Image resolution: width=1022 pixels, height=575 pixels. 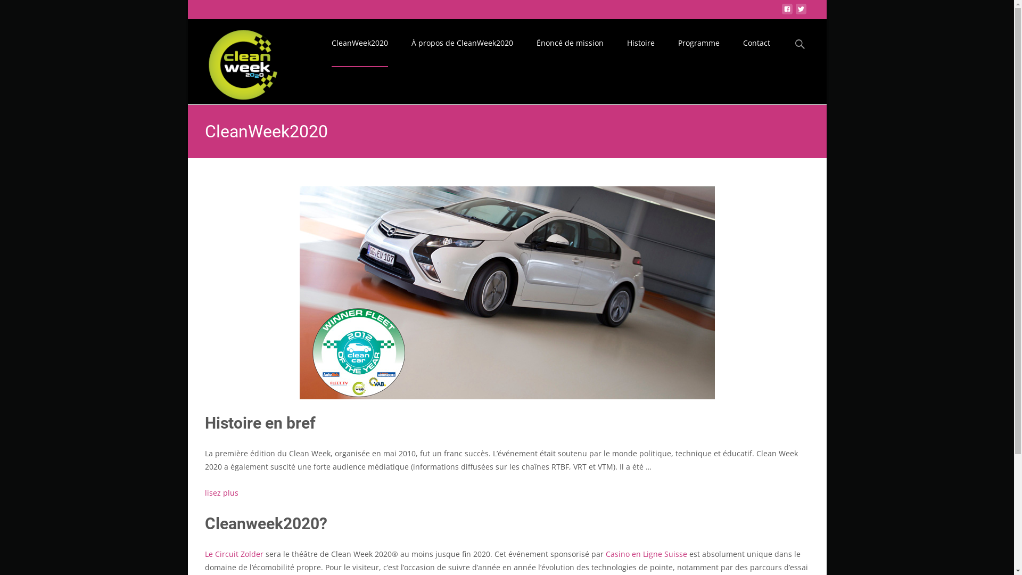 I want to click on 'Search for:', so click(x=791, y=44).